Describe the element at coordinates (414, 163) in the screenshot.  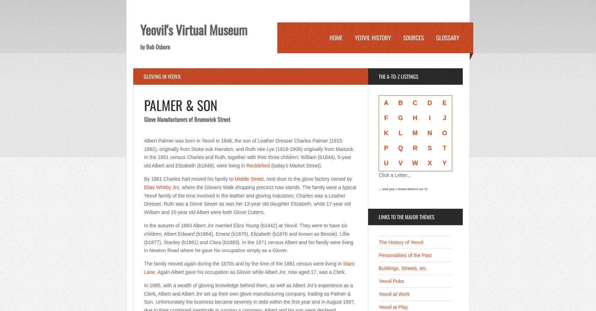
I see `'W'` at that location.